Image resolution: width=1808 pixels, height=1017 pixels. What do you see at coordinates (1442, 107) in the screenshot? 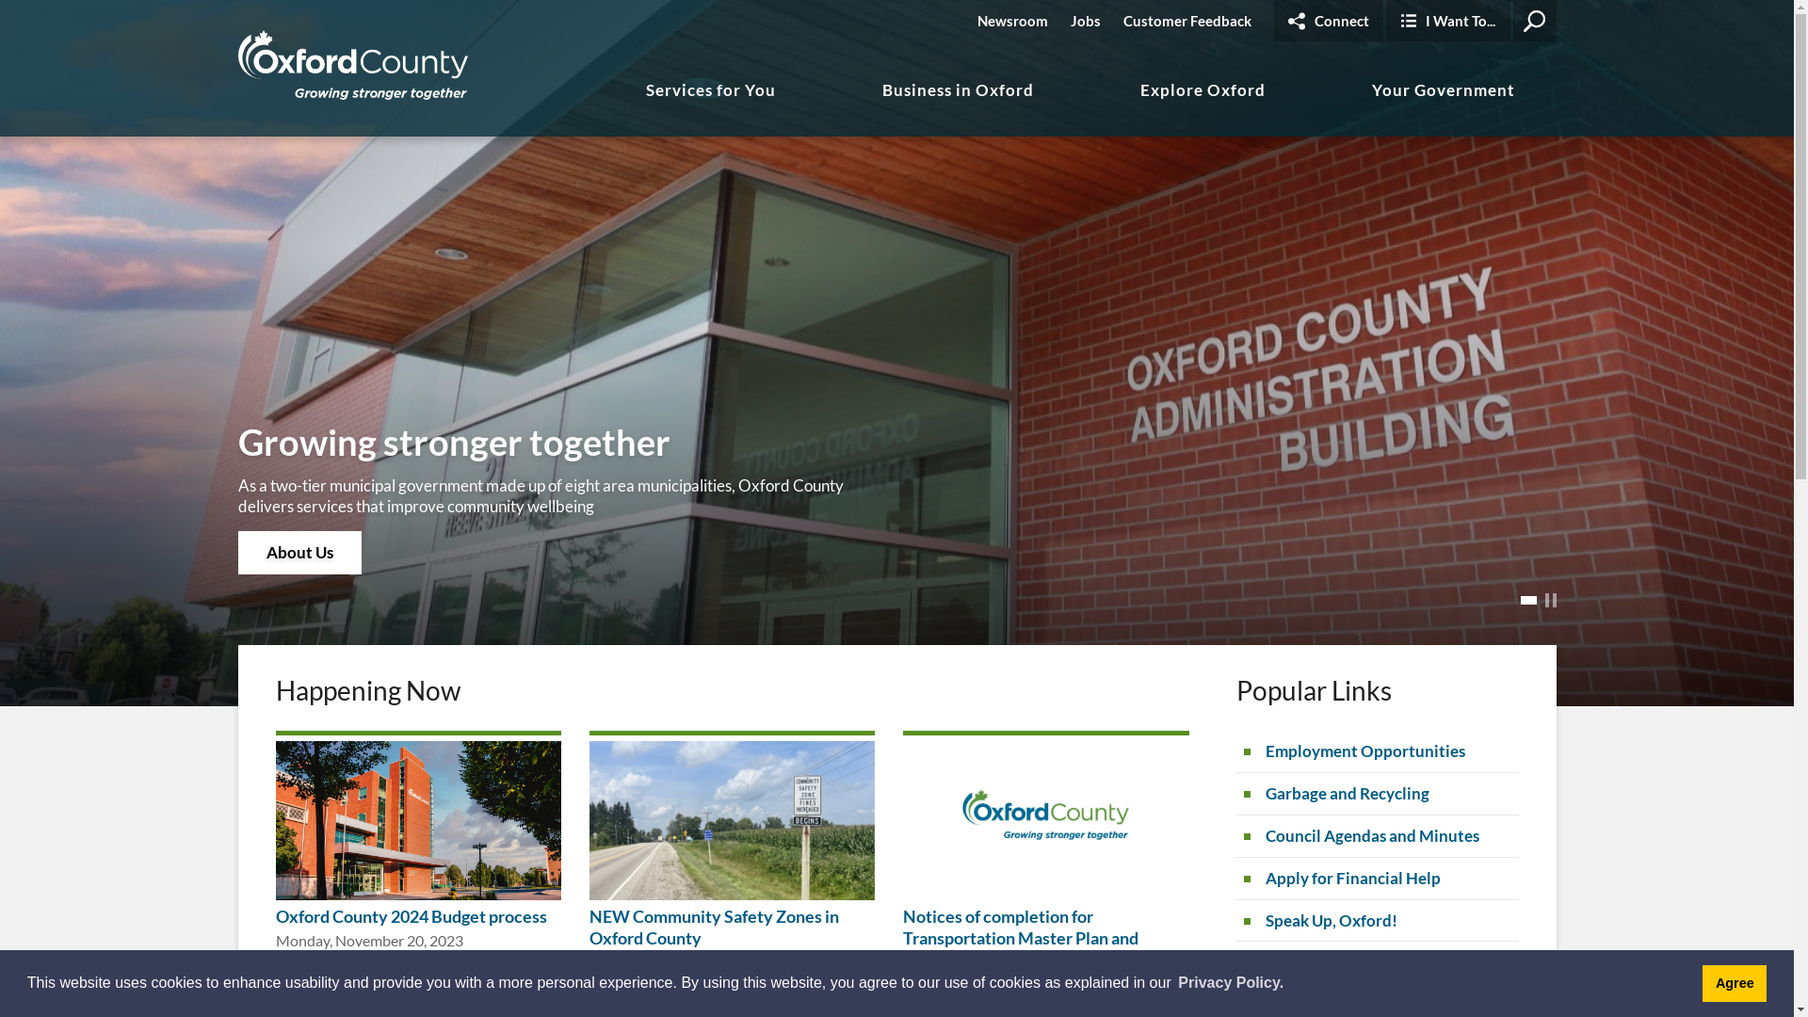
I see `'Your Government'` at bounding box center [1442, 107].